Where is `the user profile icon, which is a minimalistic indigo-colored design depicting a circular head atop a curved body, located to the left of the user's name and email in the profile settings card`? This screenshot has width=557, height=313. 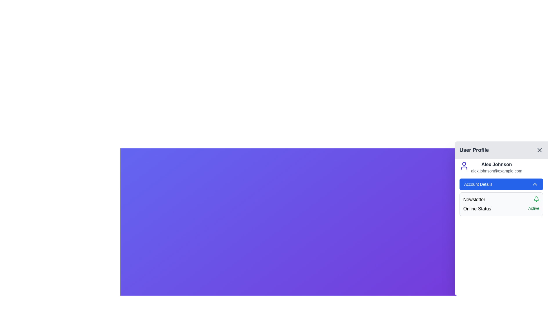 the user profile icon, which is a minimalistic indigo-colored design depicting a circular head atop a curved body, located to the left of the user's name and email in the profile settings card is located at coordinates (464, 165).